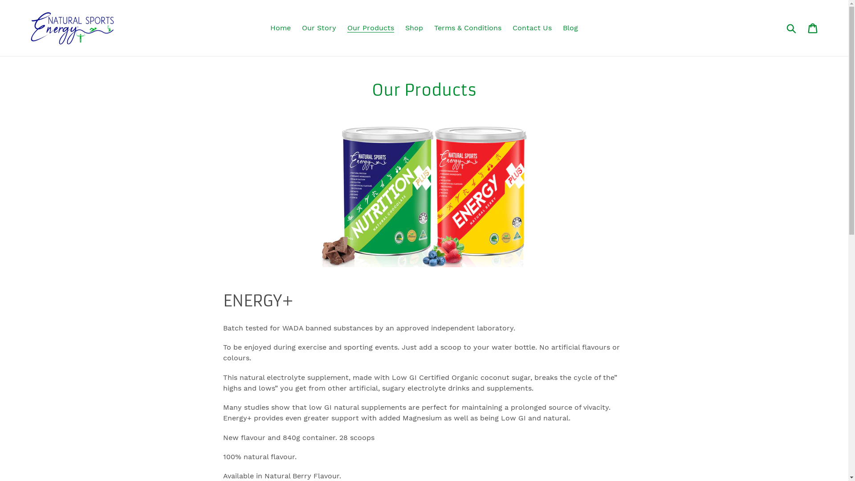 The width and height of the screenshot is (855, 481). What do you see at coordinates (813, 28) in the screenshot?
I see `'Cart'` at bounding box center [813, 28].